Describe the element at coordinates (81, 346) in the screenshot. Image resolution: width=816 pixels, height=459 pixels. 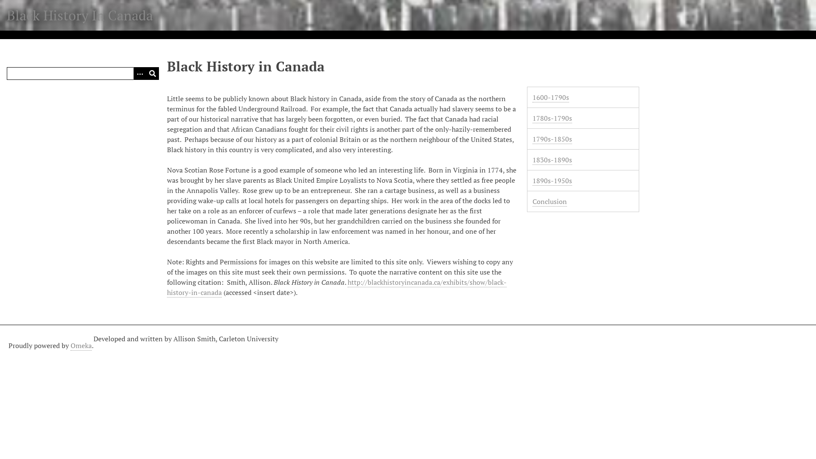
I see `'Omeka'` at that location.